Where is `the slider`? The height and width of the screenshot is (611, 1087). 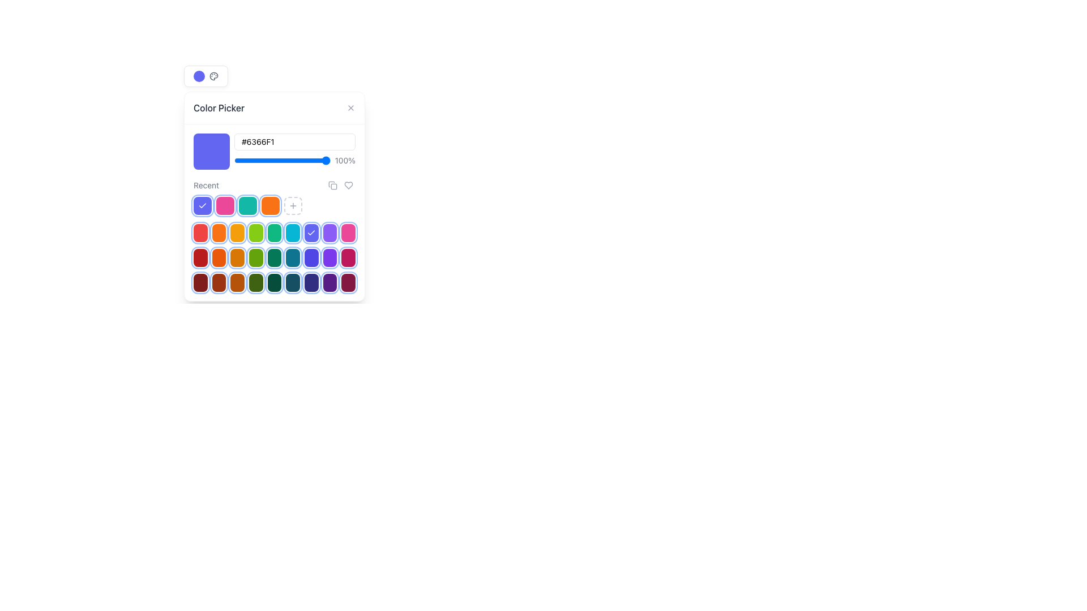 the slider is located at coordinates (243, 161).